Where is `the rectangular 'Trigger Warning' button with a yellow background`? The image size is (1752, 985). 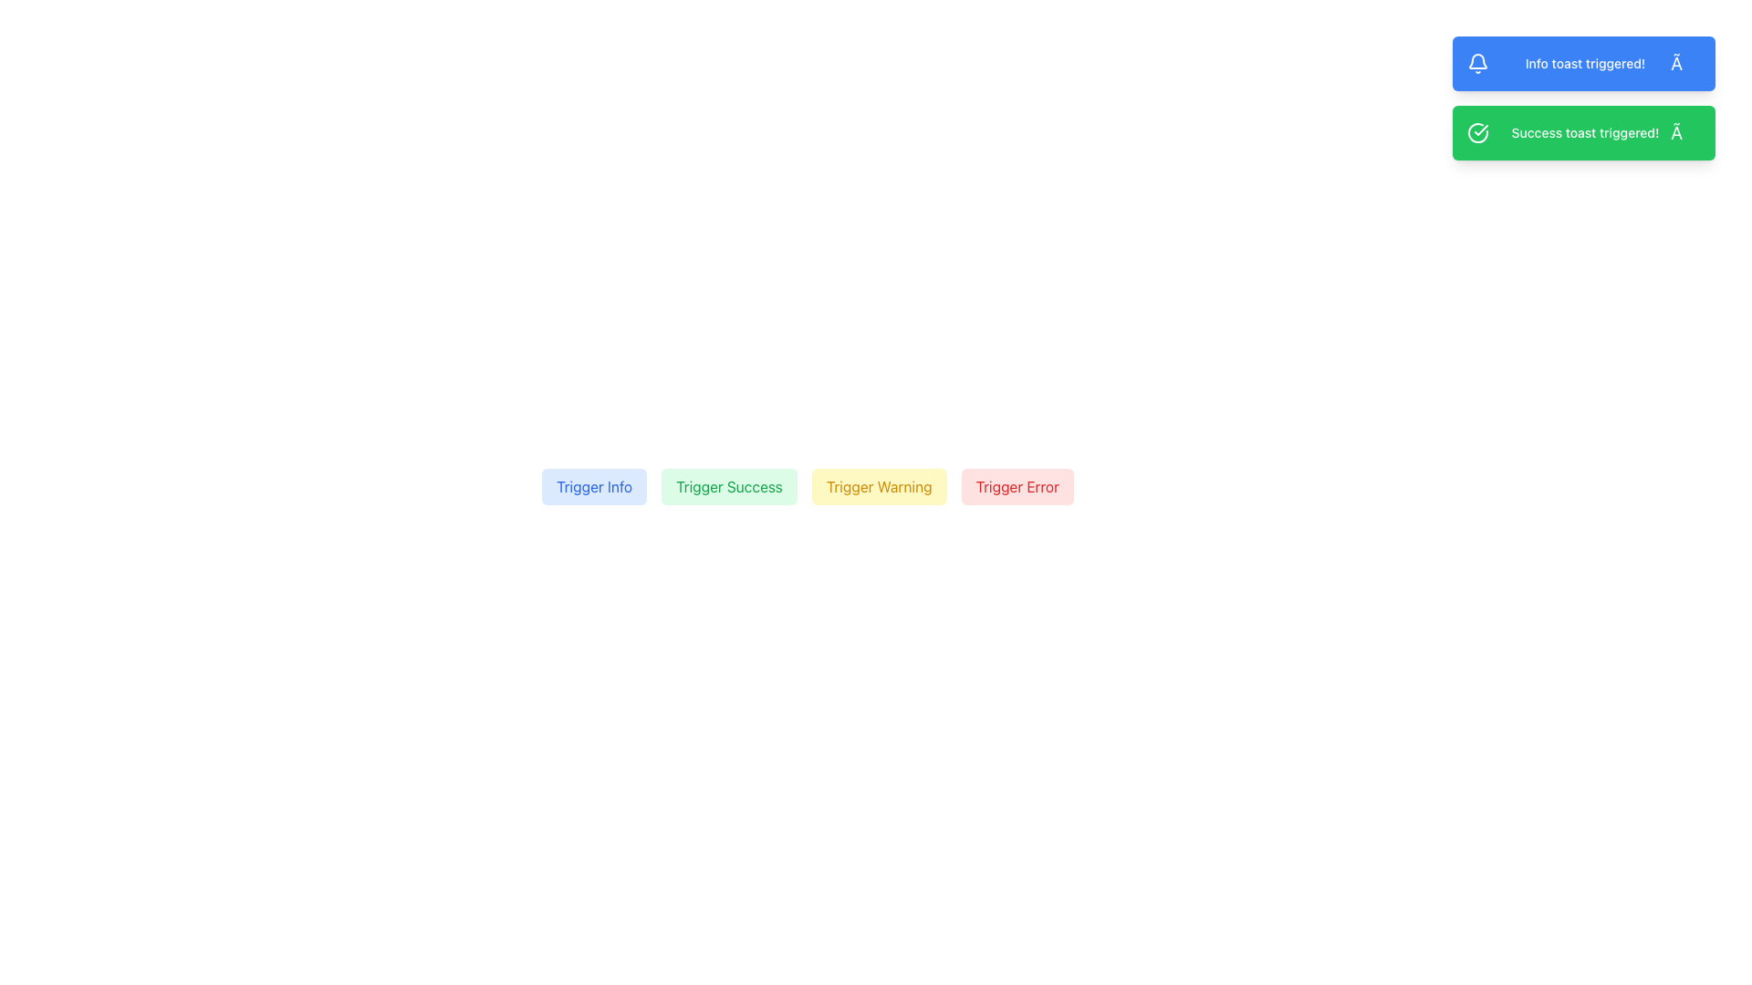 the rectangular 'Trigger Warning' button with a yellow background is located at coordinates (807, 478).